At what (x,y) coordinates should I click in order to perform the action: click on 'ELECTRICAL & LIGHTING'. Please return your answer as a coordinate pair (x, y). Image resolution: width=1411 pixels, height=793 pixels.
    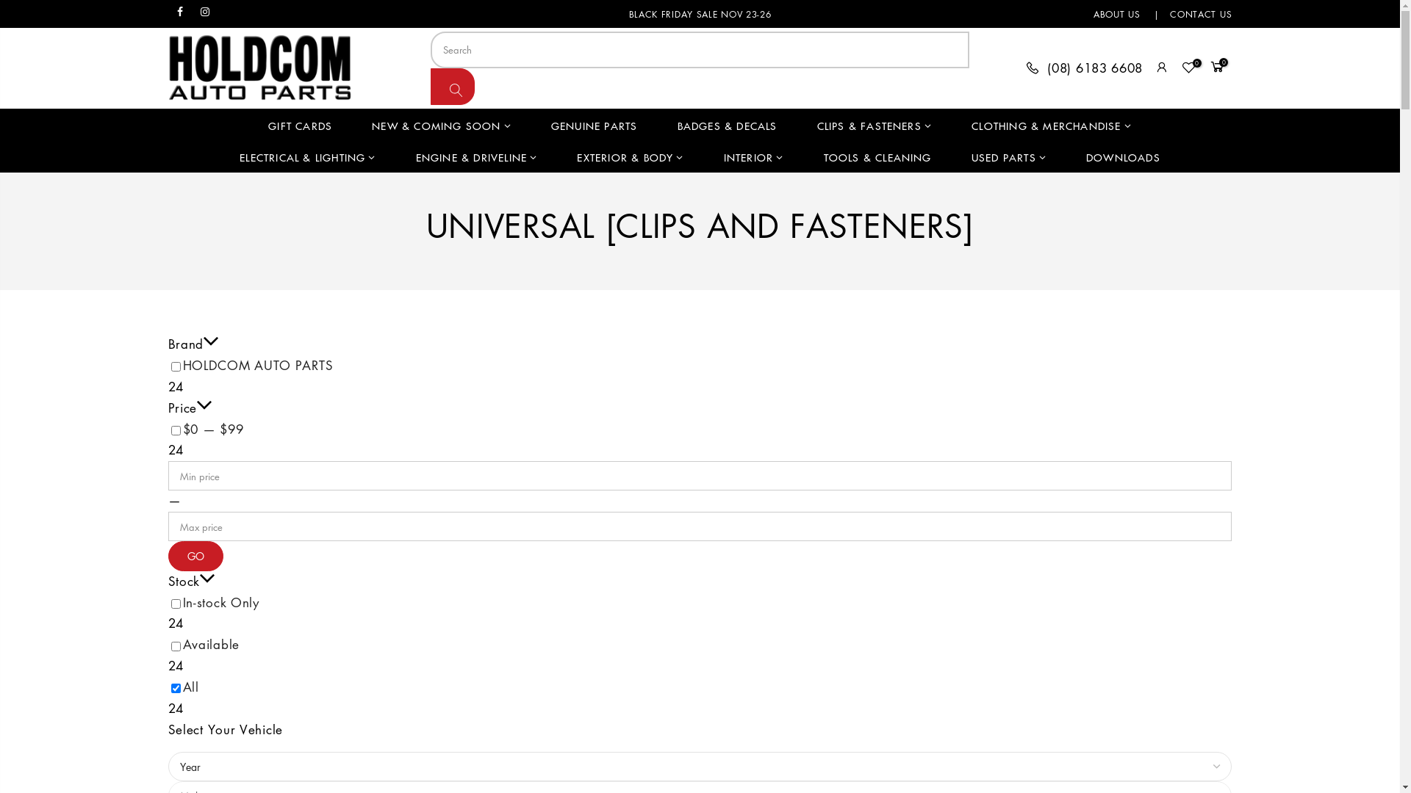
    Looking at the image, I should click on (306, 156).